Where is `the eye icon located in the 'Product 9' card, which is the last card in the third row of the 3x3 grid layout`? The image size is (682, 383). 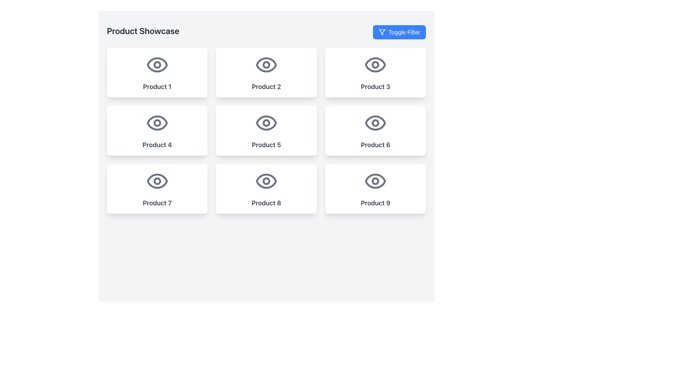 the eye icon located in the 'Product 9' card, which is the last card in the third row of the 3x3 grid layout is located at coordinates (375, 181).